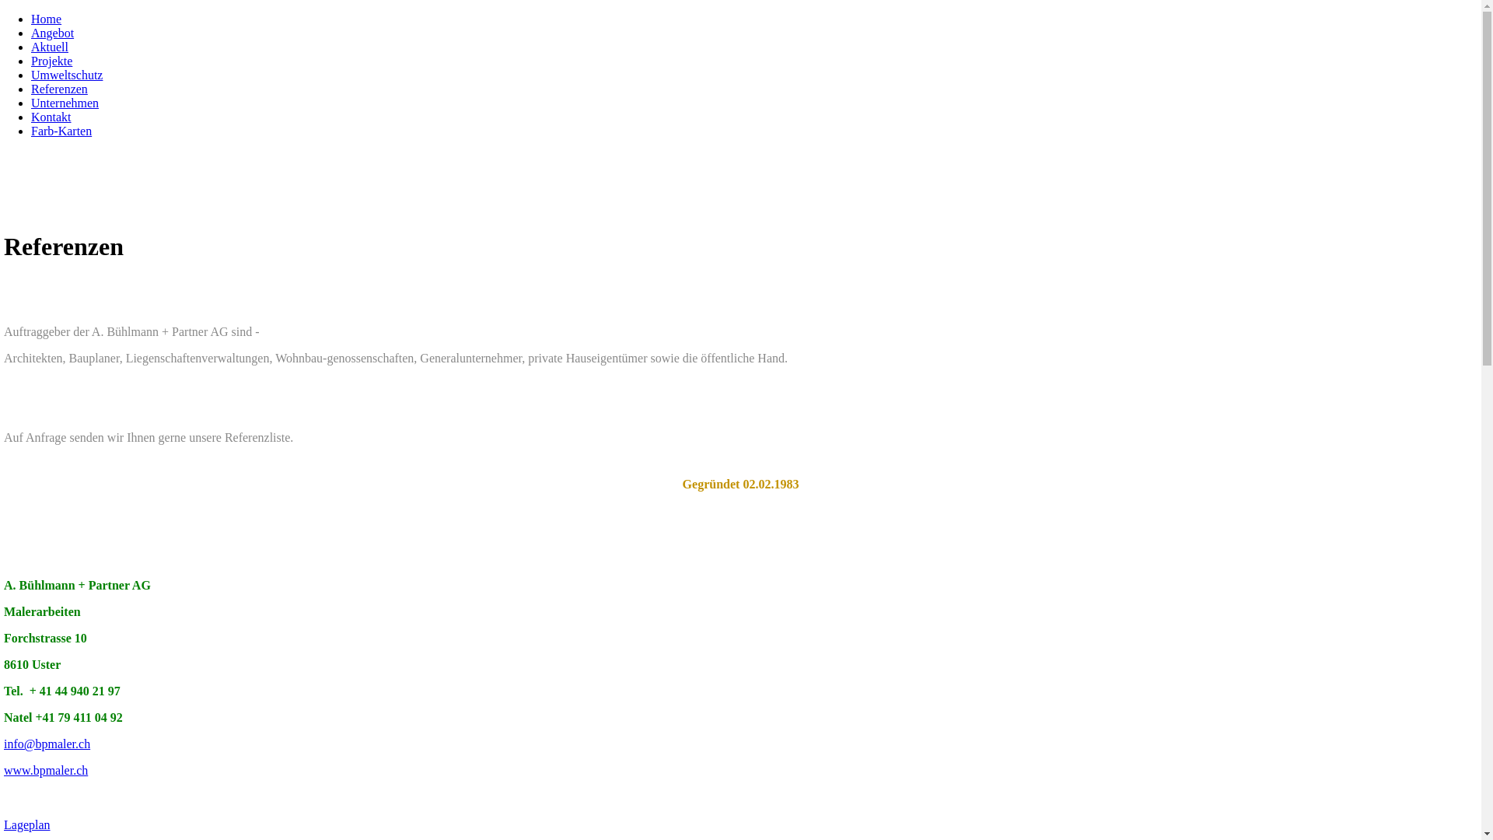  What do you see at coordinates (47, 743) in the screenshot?
I see `'info@bpmaler.ch'` at bounding box center [47, 743].